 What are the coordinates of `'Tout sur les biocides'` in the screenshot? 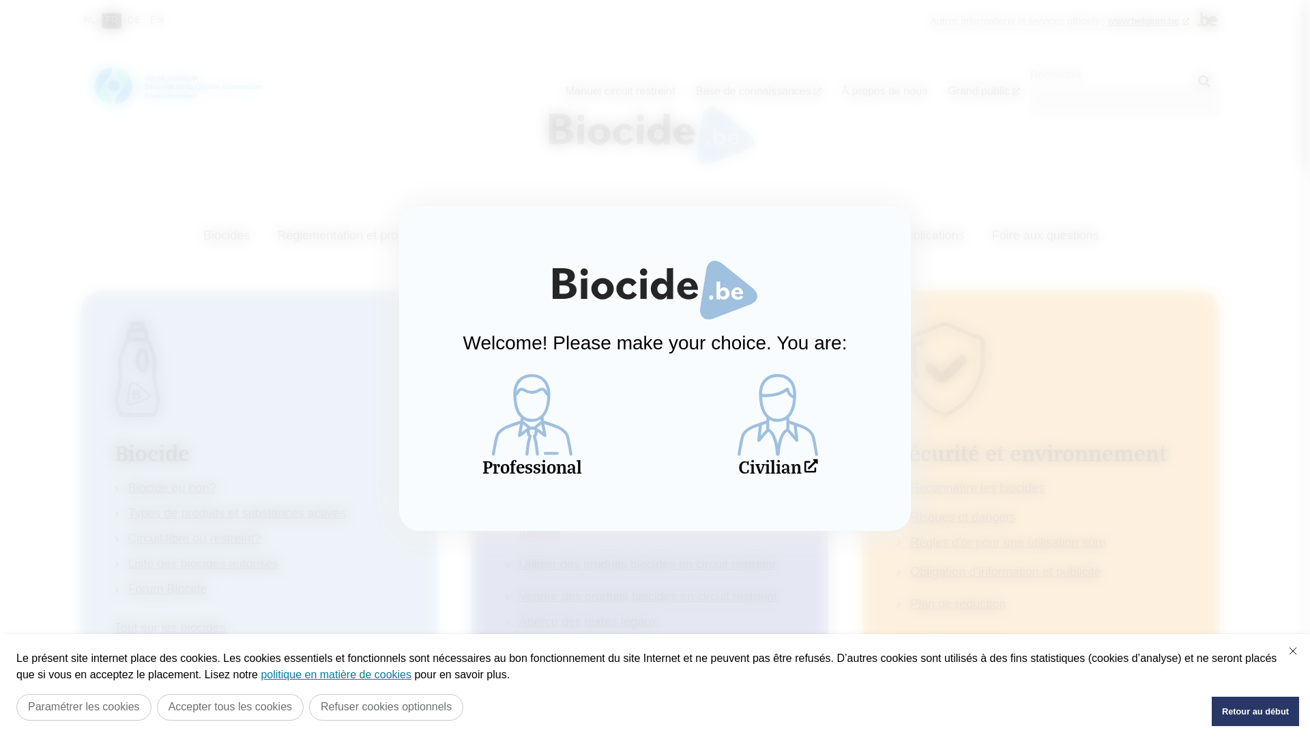 It's located at (169, 628).